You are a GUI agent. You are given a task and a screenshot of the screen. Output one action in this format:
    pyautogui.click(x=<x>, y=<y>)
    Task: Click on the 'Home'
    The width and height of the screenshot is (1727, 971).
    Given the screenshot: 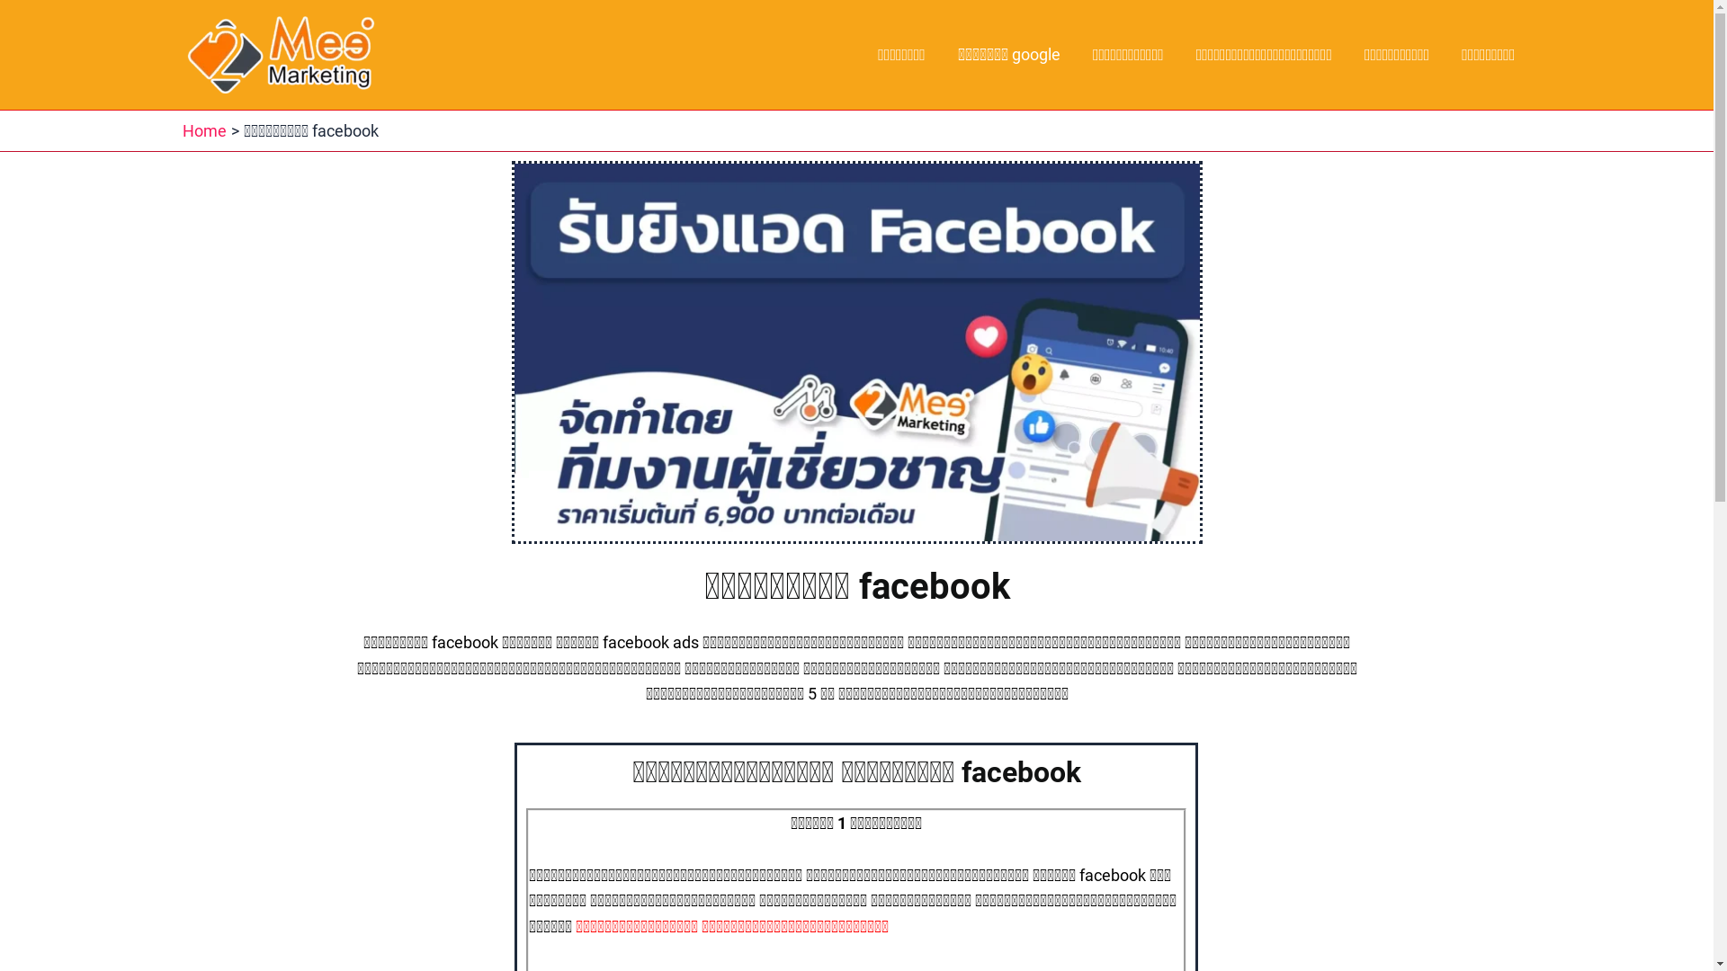 What is the action you would take?
    pyautogui.click(x=203, y=129)
    